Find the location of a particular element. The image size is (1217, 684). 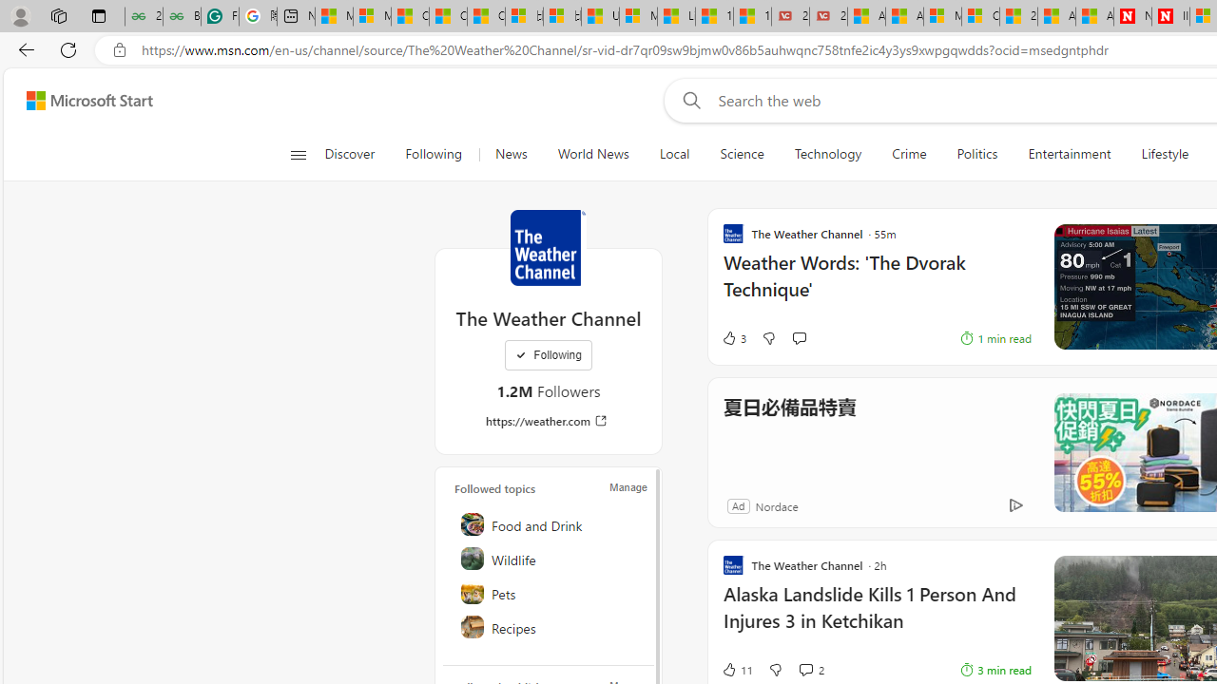

'11 Like' is located at coordinates (736, 668).